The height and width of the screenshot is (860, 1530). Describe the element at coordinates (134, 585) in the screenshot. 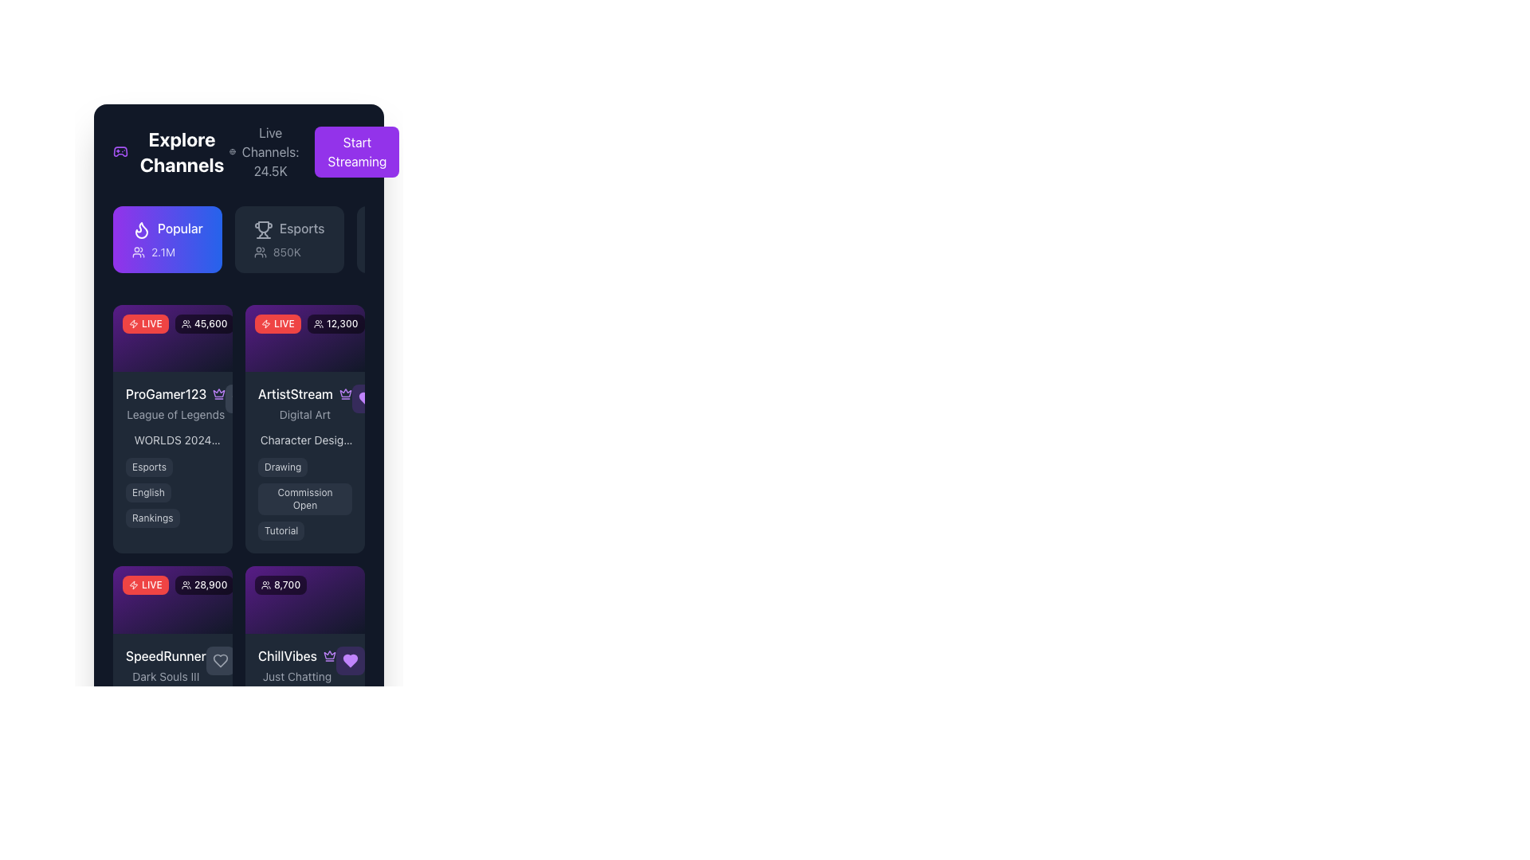

I see `the 'LIVE' status icon located in the top-left corner of the streaming channel card` at that location.